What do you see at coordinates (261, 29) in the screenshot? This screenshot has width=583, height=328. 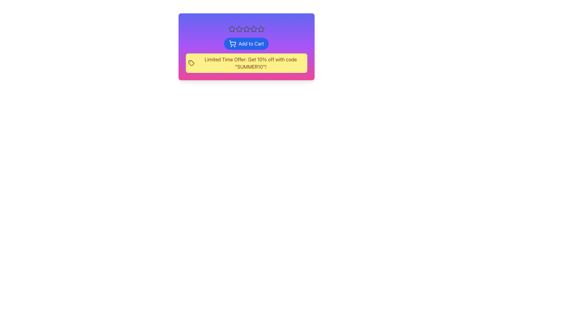 I see `the fifth star icon used for rating located at the center of the upper section of the card component` at bounding box center [261, 29].